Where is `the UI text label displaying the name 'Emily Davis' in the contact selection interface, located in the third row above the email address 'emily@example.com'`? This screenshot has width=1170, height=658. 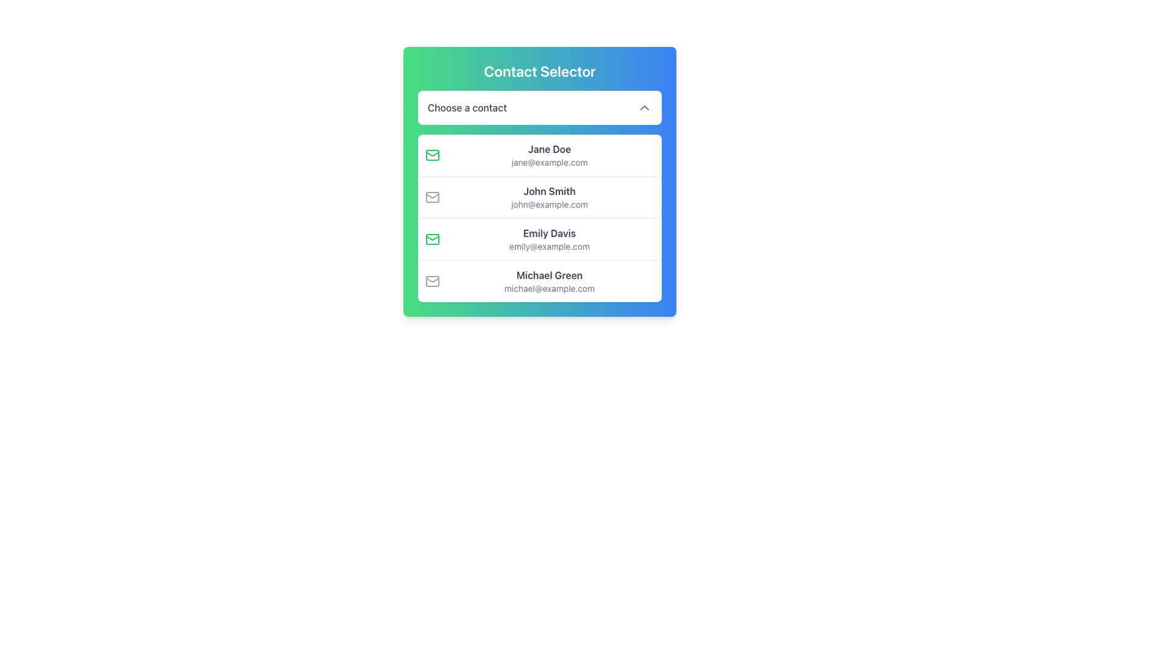 the UI text label displaying the name 'Emily Davis' in the contact selection interface, located in the third row above the email address 'emily@example.com' is located at coordinates (549, 233).